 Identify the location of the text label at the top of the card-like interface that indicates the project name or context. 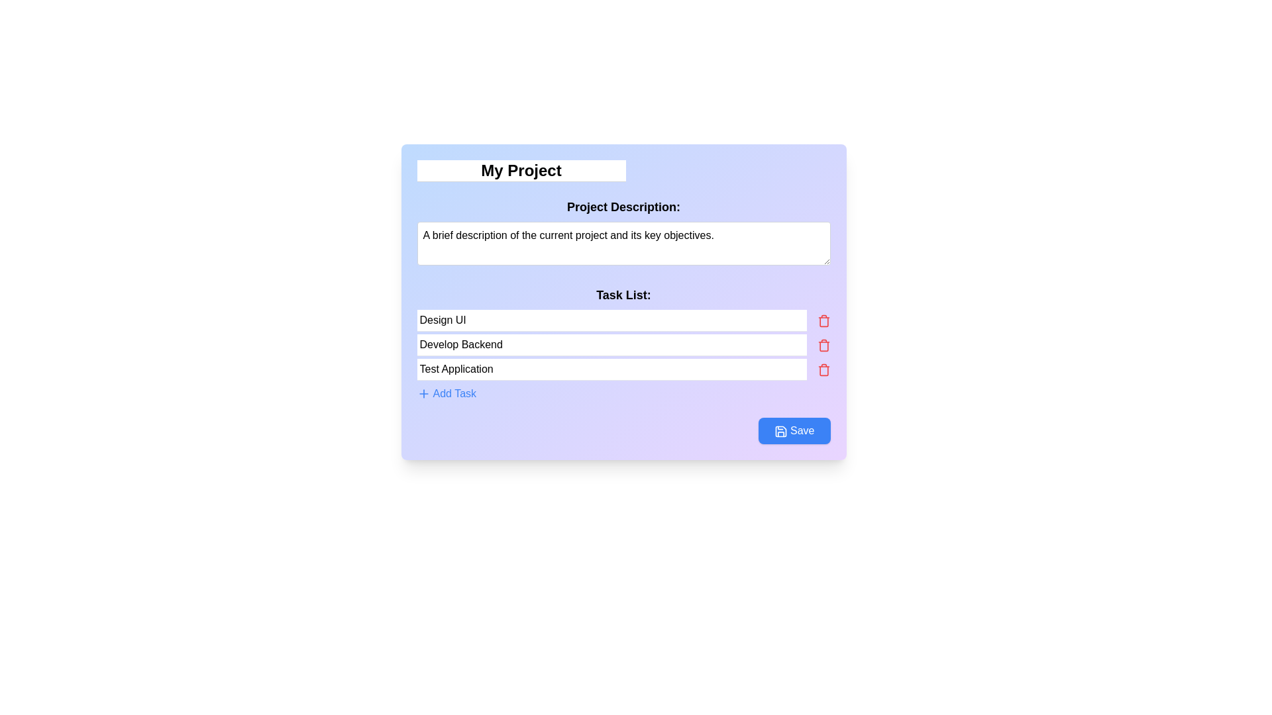
(521, 170).